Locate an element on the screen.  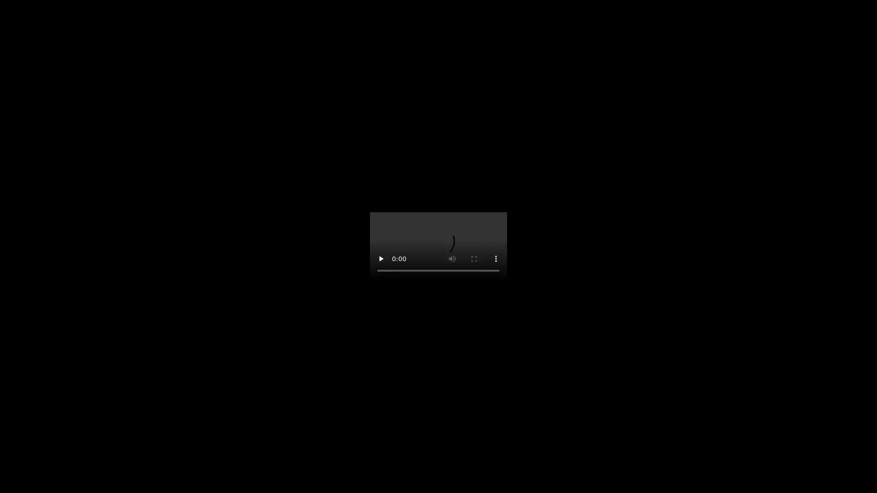
mute is located at coordinates (495, 267).